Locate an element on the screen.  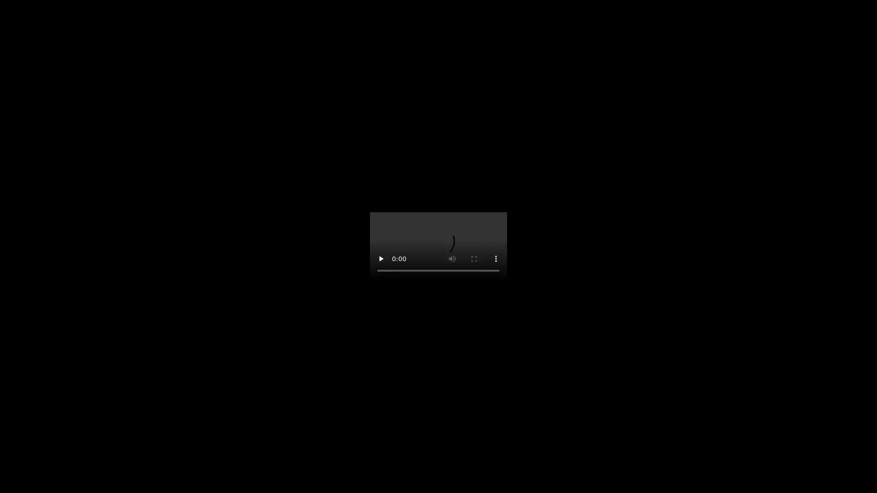
mute is located at coordinates (495, 267).